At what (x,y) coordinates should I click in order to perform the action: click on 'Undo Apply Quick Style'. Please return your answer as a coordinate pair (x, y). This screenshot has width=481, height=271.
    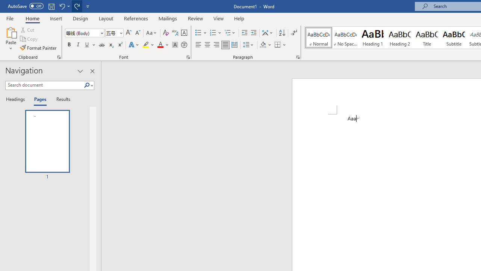
    Looking at the image, I should click on (62, 6).